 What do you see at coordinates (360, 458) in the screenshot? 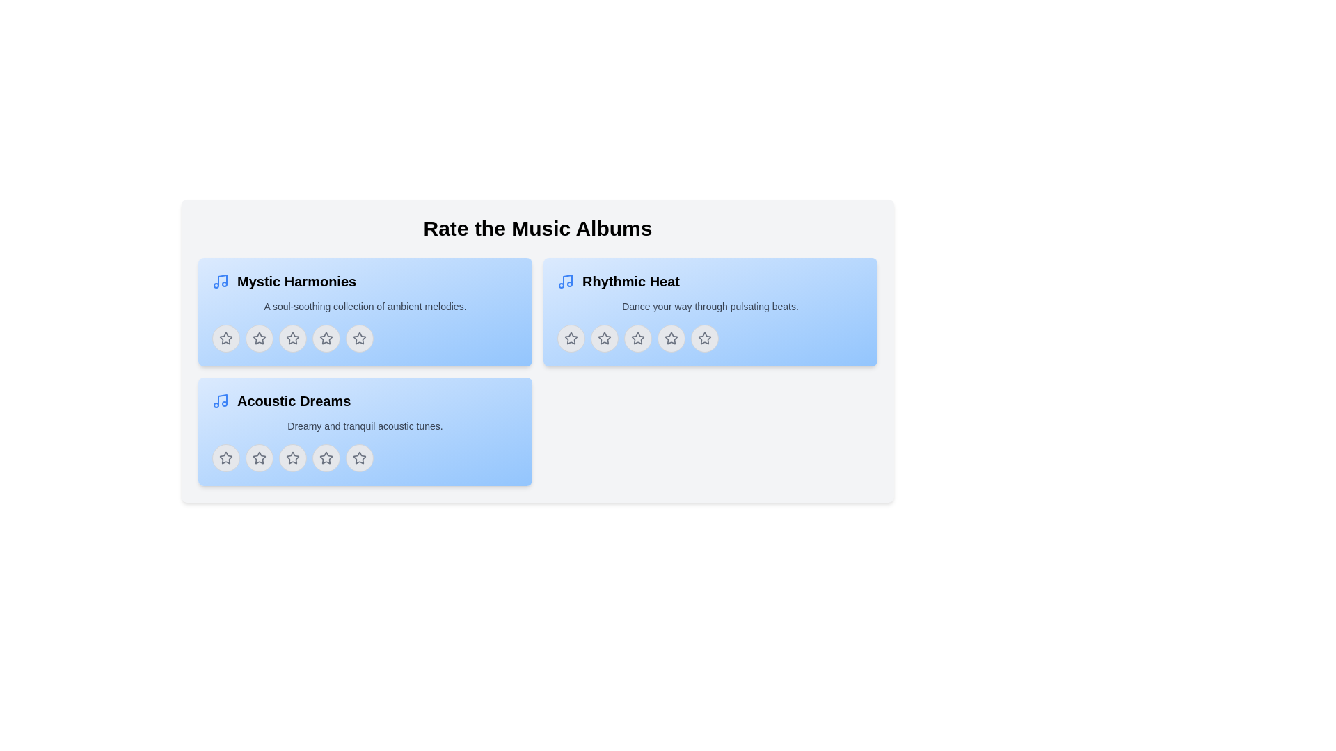
I see `the fifth star icon` at bounding box center [360, 458].